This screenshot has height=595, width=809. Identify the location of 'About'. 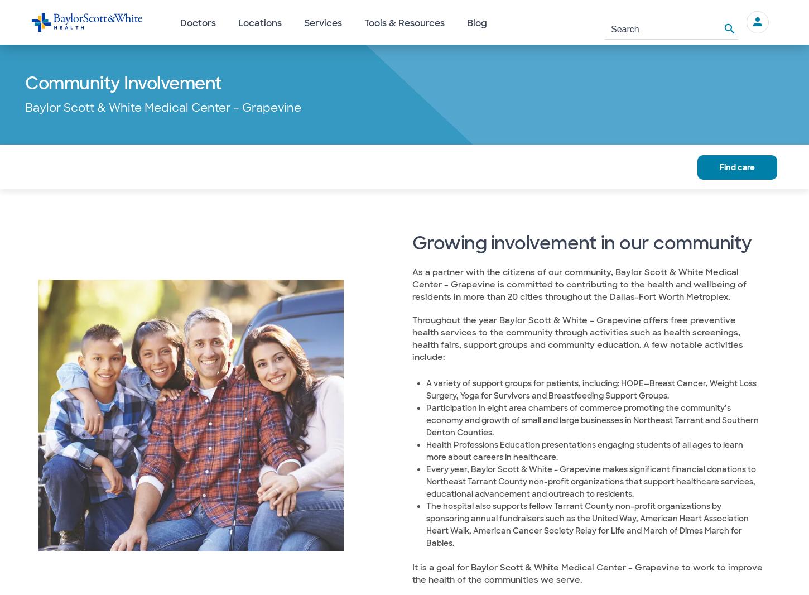
(62, 166).